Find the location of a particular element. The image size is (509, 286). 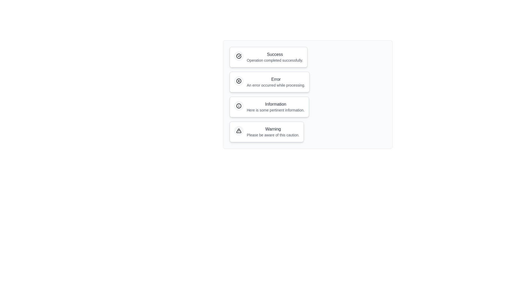

the icon within the notification chip corresponding to Information is located at coordinates (239, 106).